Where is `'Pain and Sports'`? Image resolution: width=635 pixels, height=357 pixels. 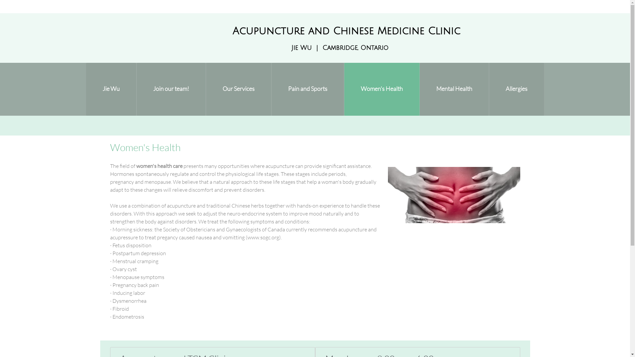 'Pain and Sports' is located at coordinates (308, 89).